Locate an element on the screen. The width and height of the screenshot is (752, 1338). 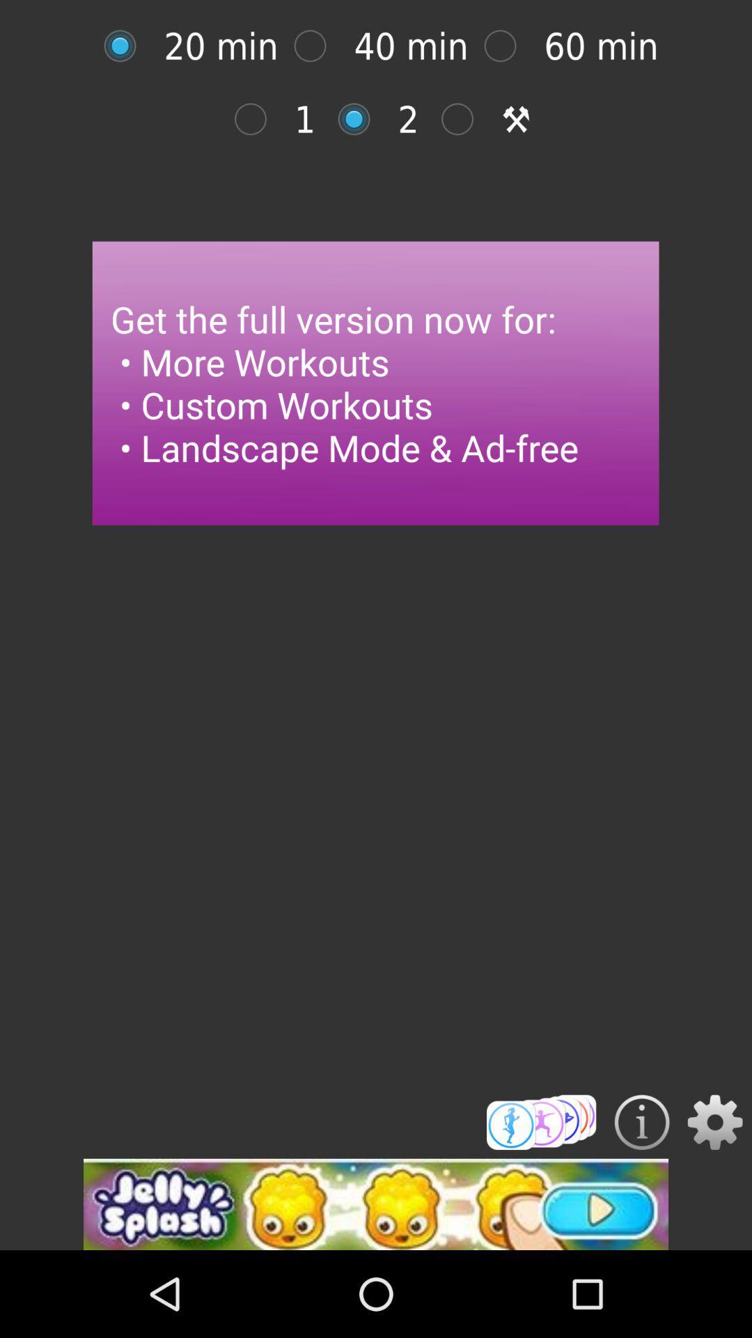
min setting option is located at coordinates (258, 119).